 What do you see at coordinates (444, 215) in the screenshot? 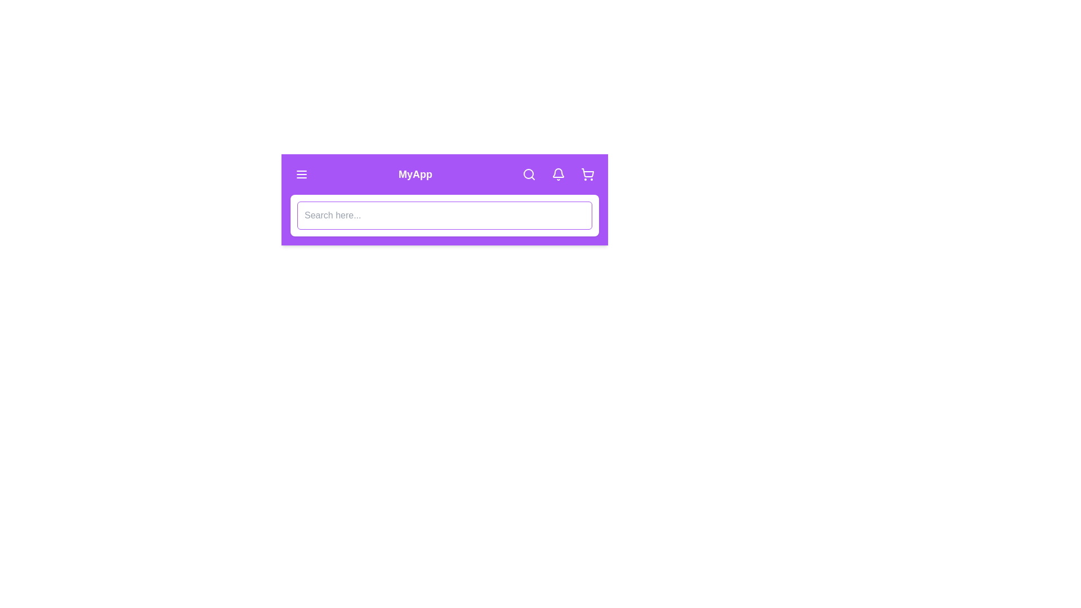
I see `the search input field and clear its content` at bounding box center [444, 215].